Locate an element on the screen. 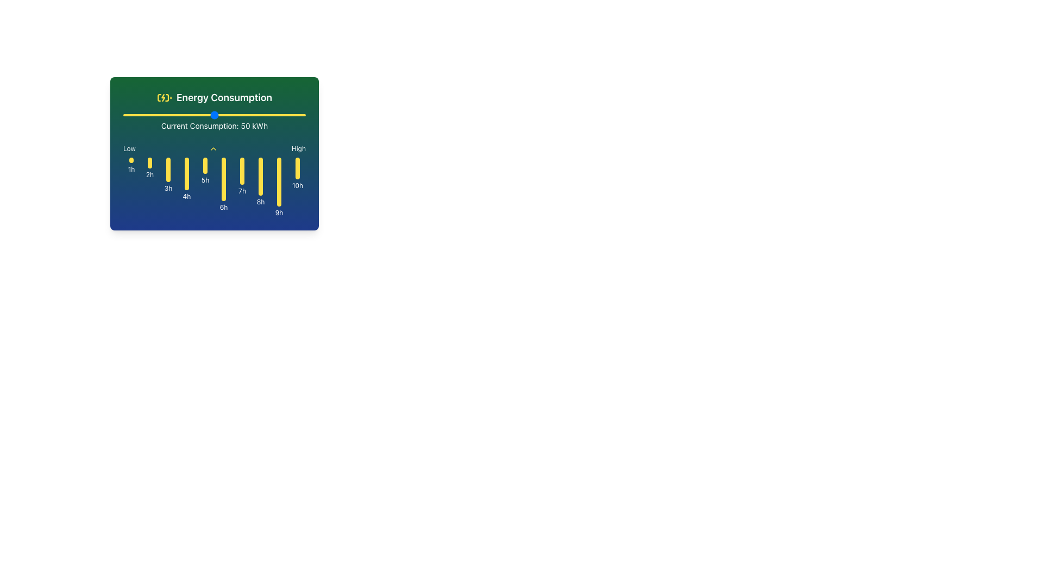  the visual indicator labeled '6h', which is the sixth bar in a row of ten vertical bars in the time series graph is located at coordinates (223, 186).